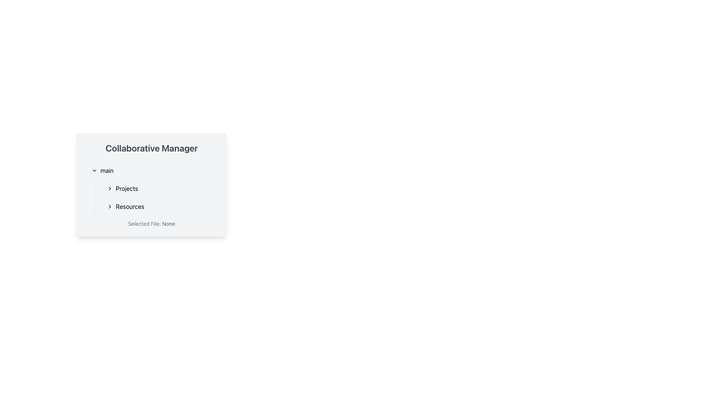  Describe the element at coordinates (94, 171) in the screenshot. I see `the downward chevron icon located to the left of the text 'main' in the 'Collaborative Manager' menu for possible visual feedback` at that location.